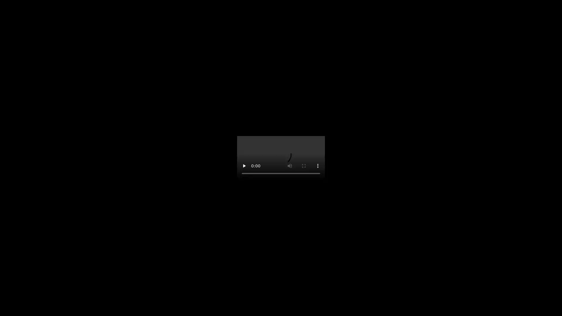 The height and width of the screenshot is (316, 562). What do you see at coordinates (317, 171) in the screenshot?
I see `show more media controls` at bounding box center [317, 171].